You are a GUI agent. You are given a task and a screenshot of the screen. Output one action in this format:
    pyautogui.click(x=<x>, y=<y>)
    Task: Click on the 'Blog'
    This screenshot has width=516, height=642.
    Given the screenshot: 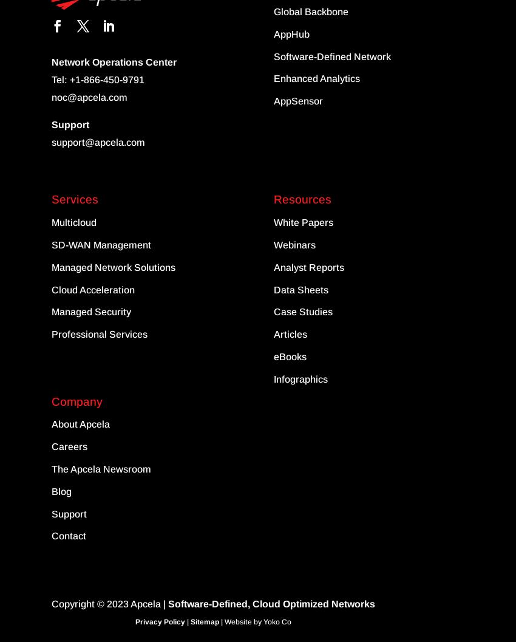 What is the action you would take?
    pyautogui.click(x=61, y=491)
    